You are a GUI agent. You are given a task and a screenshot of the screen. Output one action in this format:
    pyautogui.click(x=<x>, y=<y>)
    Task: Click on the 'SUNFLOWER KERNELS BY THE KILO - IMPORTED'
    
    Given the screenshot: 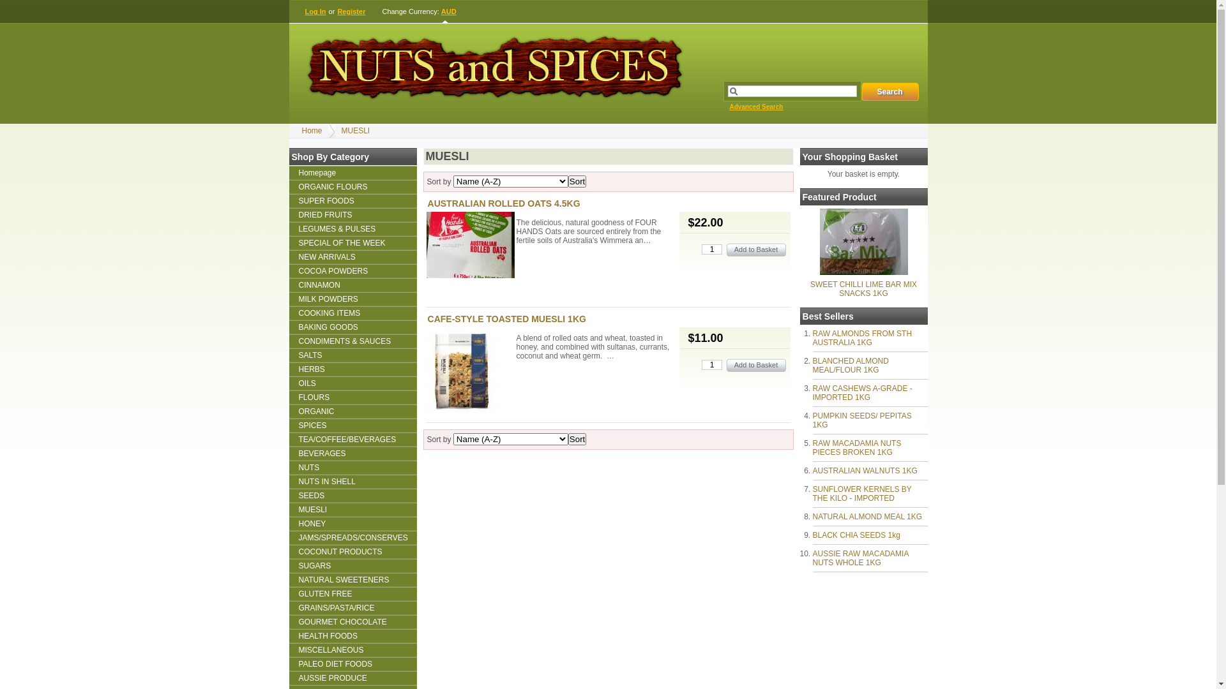 What is the action you would take?
    pyautogui.click(x=861, y=493)
    